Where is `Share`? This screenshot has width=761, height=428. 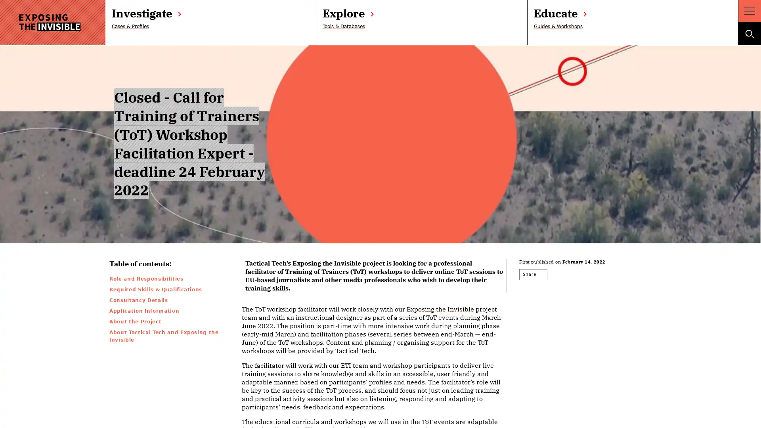 Share is located at coordinates (534, 274).